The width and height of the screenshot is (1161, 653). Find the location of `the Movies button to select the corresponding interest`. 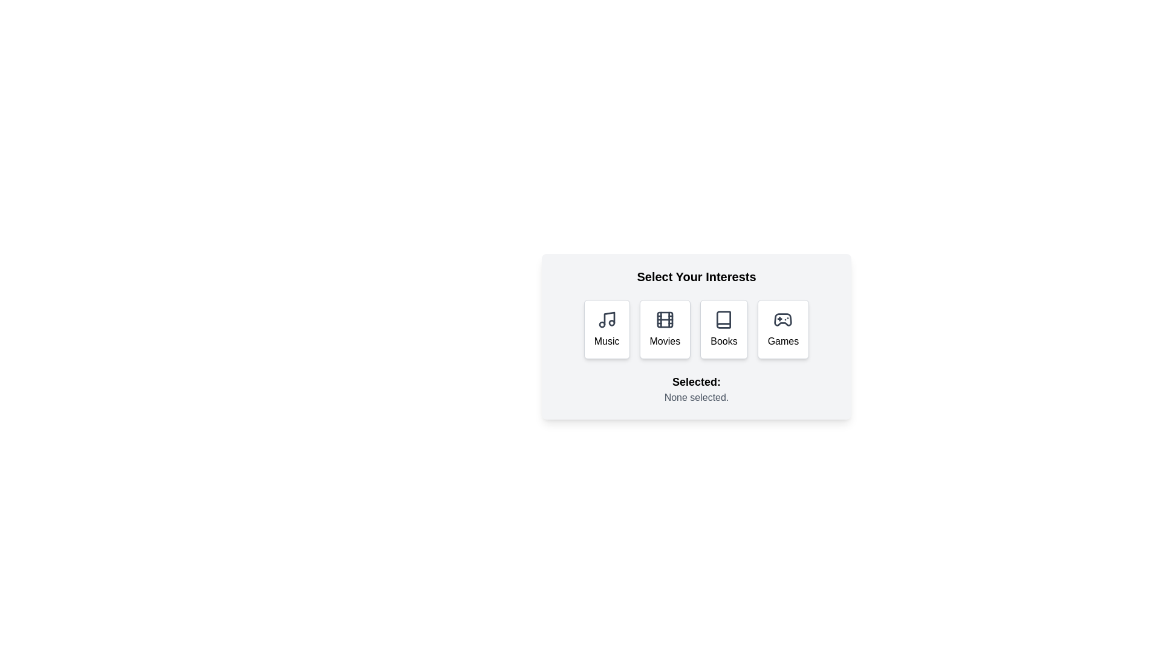

the Movies button to select the corresponding interest is located at coordinates (664, 329).